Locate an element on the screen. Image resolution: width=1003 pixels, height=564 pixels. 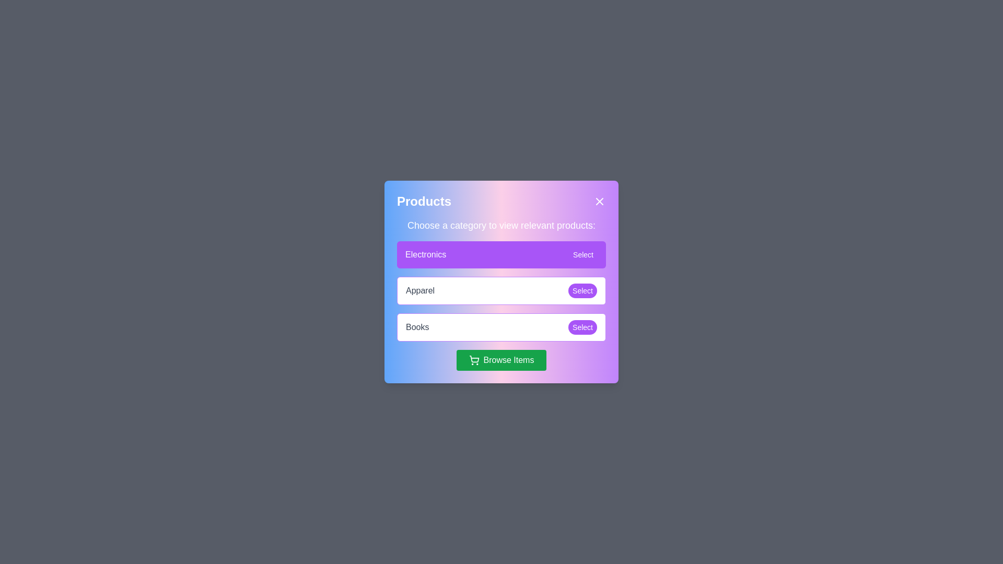
'Select' button associated with the 'Electronics' category is located at coordinates (582, 255).